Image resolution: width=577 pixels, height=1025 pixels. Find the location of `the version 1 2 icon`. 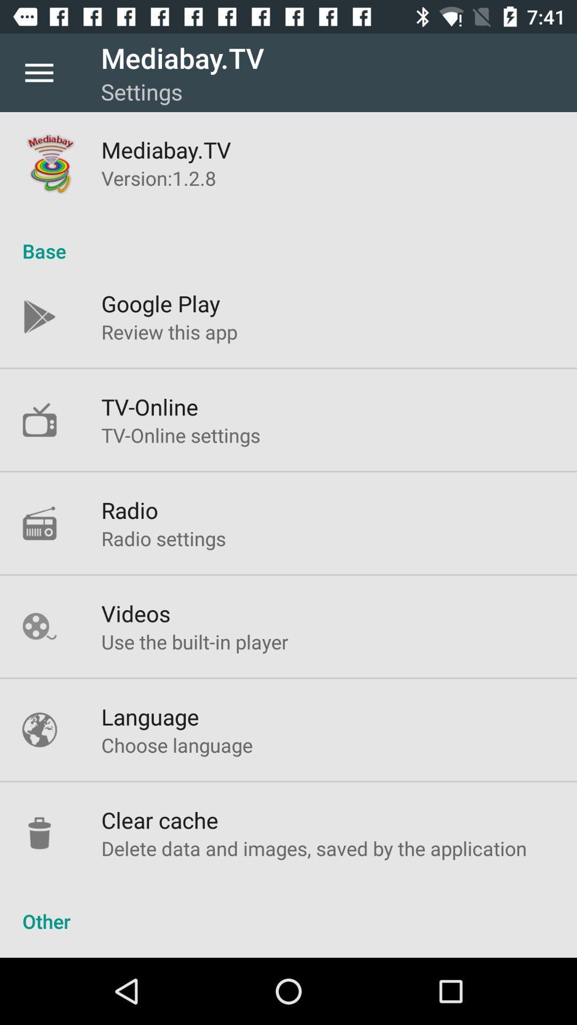

the version 1 2 icon is located at coordinates (159, 178).